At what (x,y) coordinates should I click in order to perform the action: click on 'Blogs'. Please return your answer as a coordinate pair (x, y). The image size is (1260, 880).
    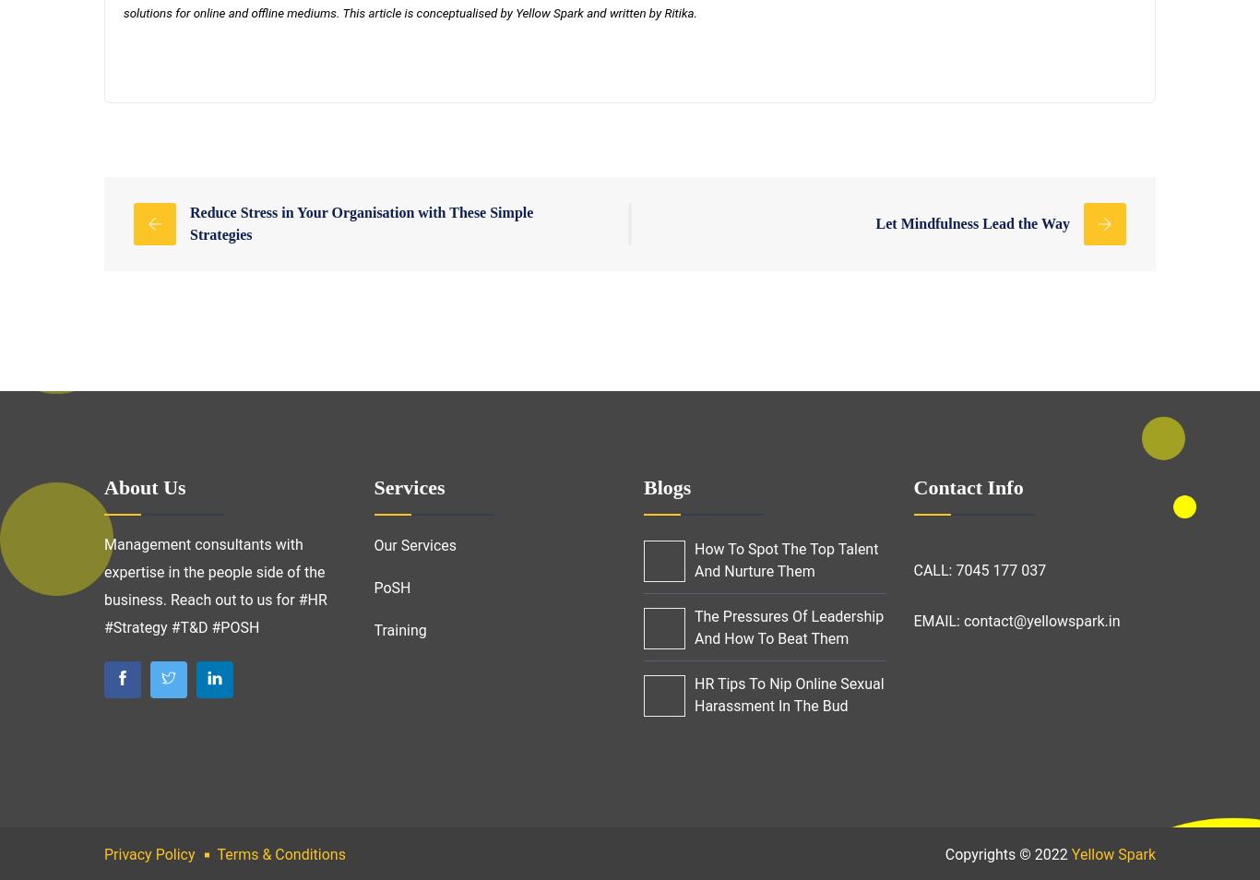
    Looking at the image, I should click on (667, 486).